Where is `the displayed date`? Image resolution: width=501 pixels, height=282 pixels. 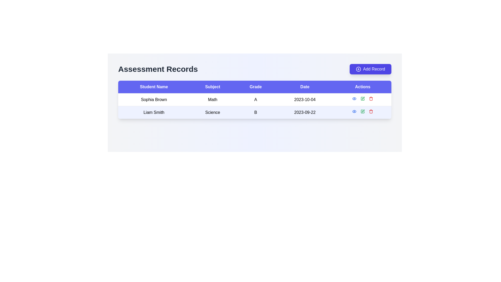
the displayed date is located at coordinates (305, 112).